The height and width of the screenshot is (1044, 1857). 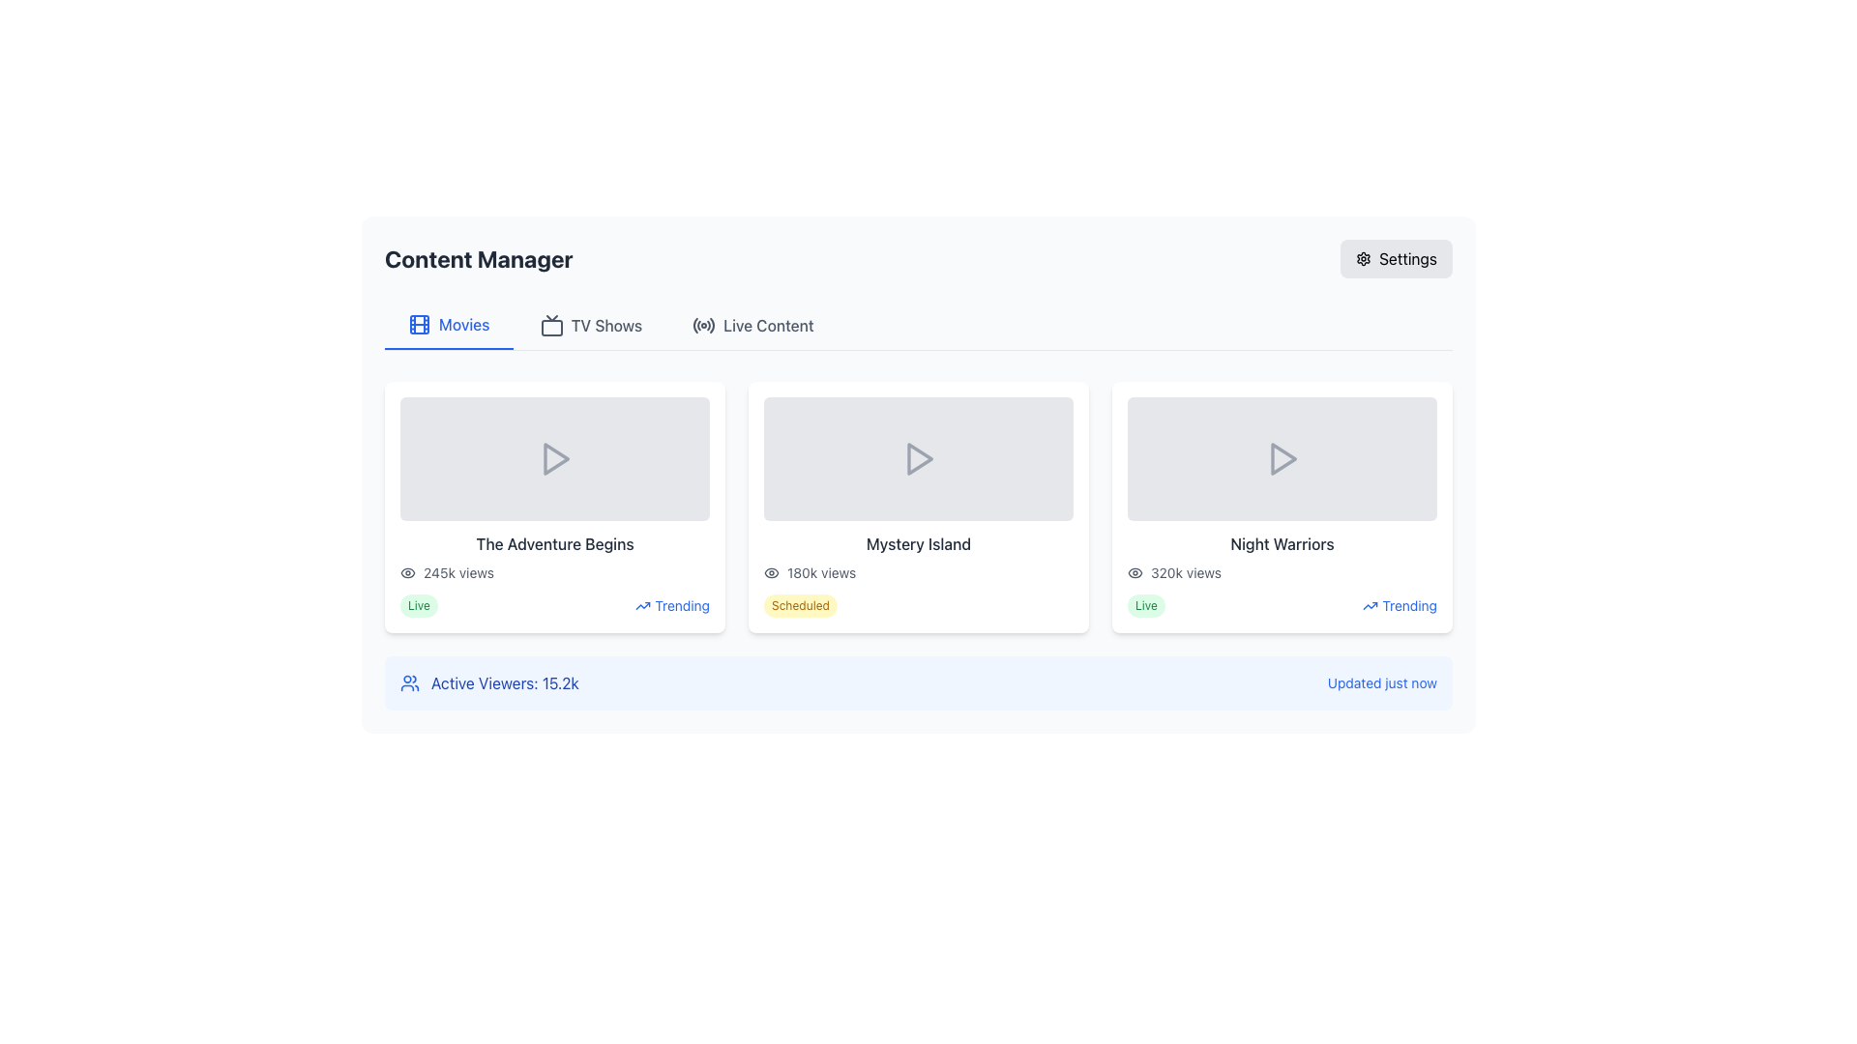 I want to click on the non-clickable 'Live' badge, which is a pill-shaped label with a light green background and bold green text, located near the bottom-left area of the 'Night Warriors' content block, so click(x=1146, y=605).